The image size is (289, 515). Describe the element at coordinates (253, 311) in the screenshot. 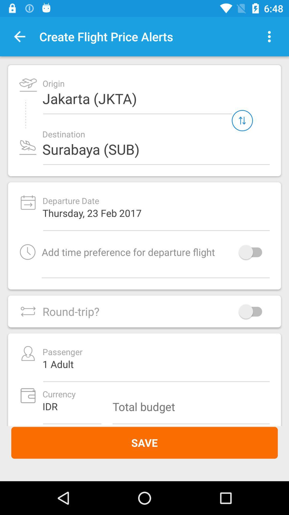

I see `to enable round-trip options` at that location.